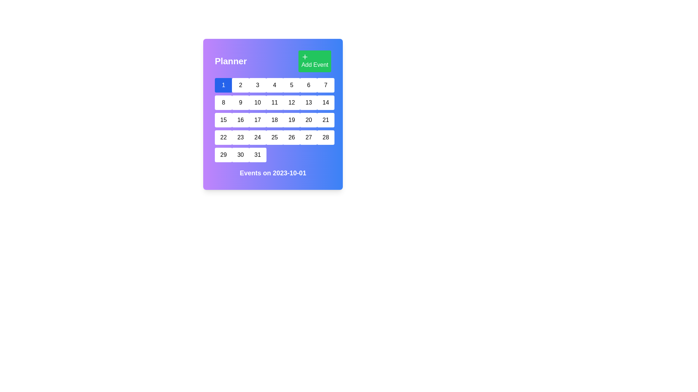 Image resolution: width=698 pixels, height=392 pixels. I want to click on the button representing the date '26', so click(292, 137).